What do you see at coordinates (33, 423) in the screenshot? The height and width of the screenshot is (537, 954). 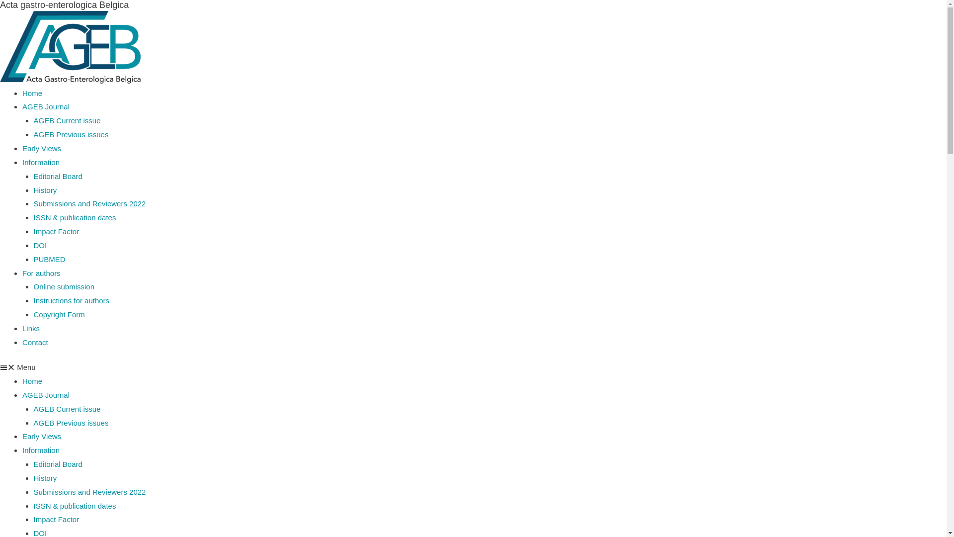 I see `'AGEB Previous issues'` at bounding box center [33, 423].